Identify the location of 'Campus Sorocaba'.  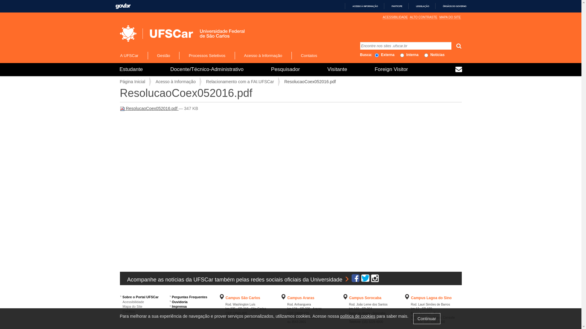
(365, 298).